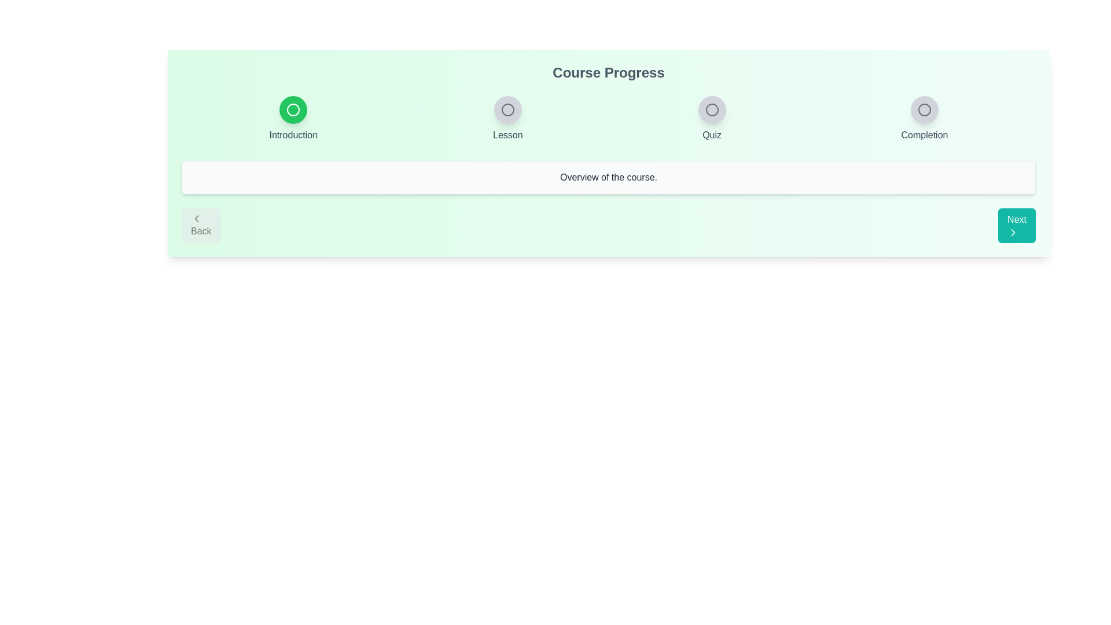 This screenshot has width=1111, height=625. Describe the element at coordinates (711, 109) in the screenshot. I see `the step Quiz in the progress indicator` at that location.